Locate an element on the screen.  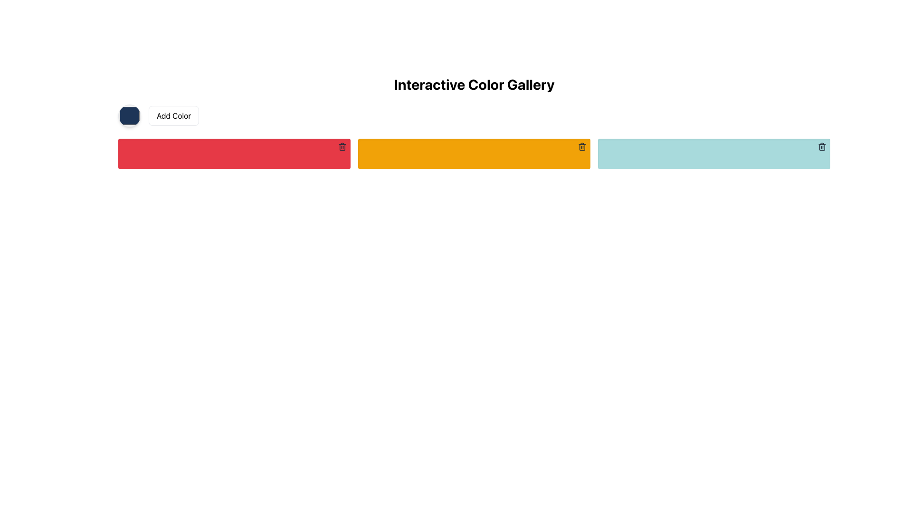
the delete button located at the top-right corner of the light blue color bar is located at coordinates (822, 146).